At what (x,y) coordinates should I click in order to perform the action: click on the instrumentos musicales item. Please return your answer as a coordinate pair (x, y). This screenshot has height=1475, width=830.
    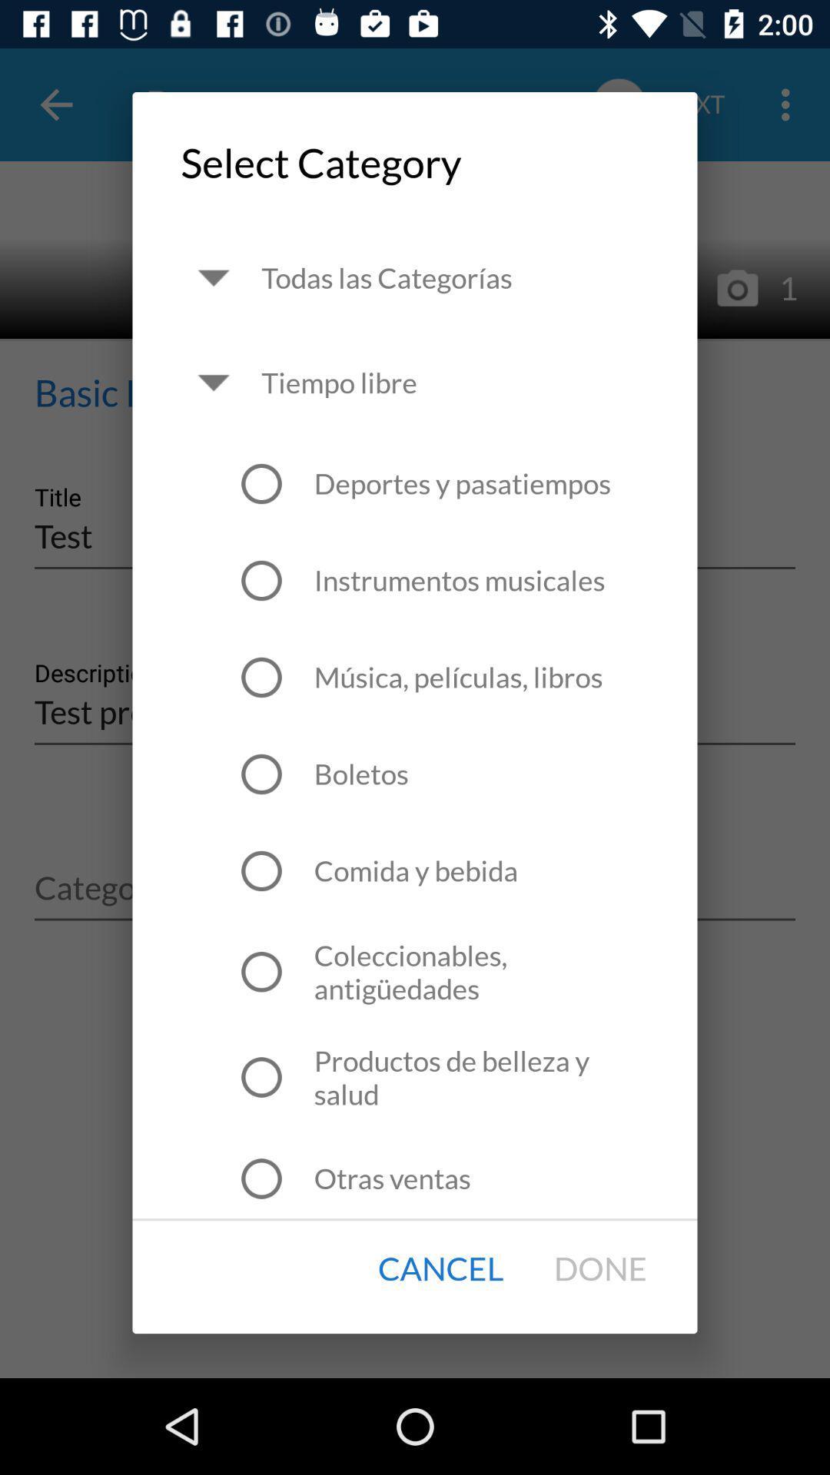
    Looking at the image, I should click on (459, 579).